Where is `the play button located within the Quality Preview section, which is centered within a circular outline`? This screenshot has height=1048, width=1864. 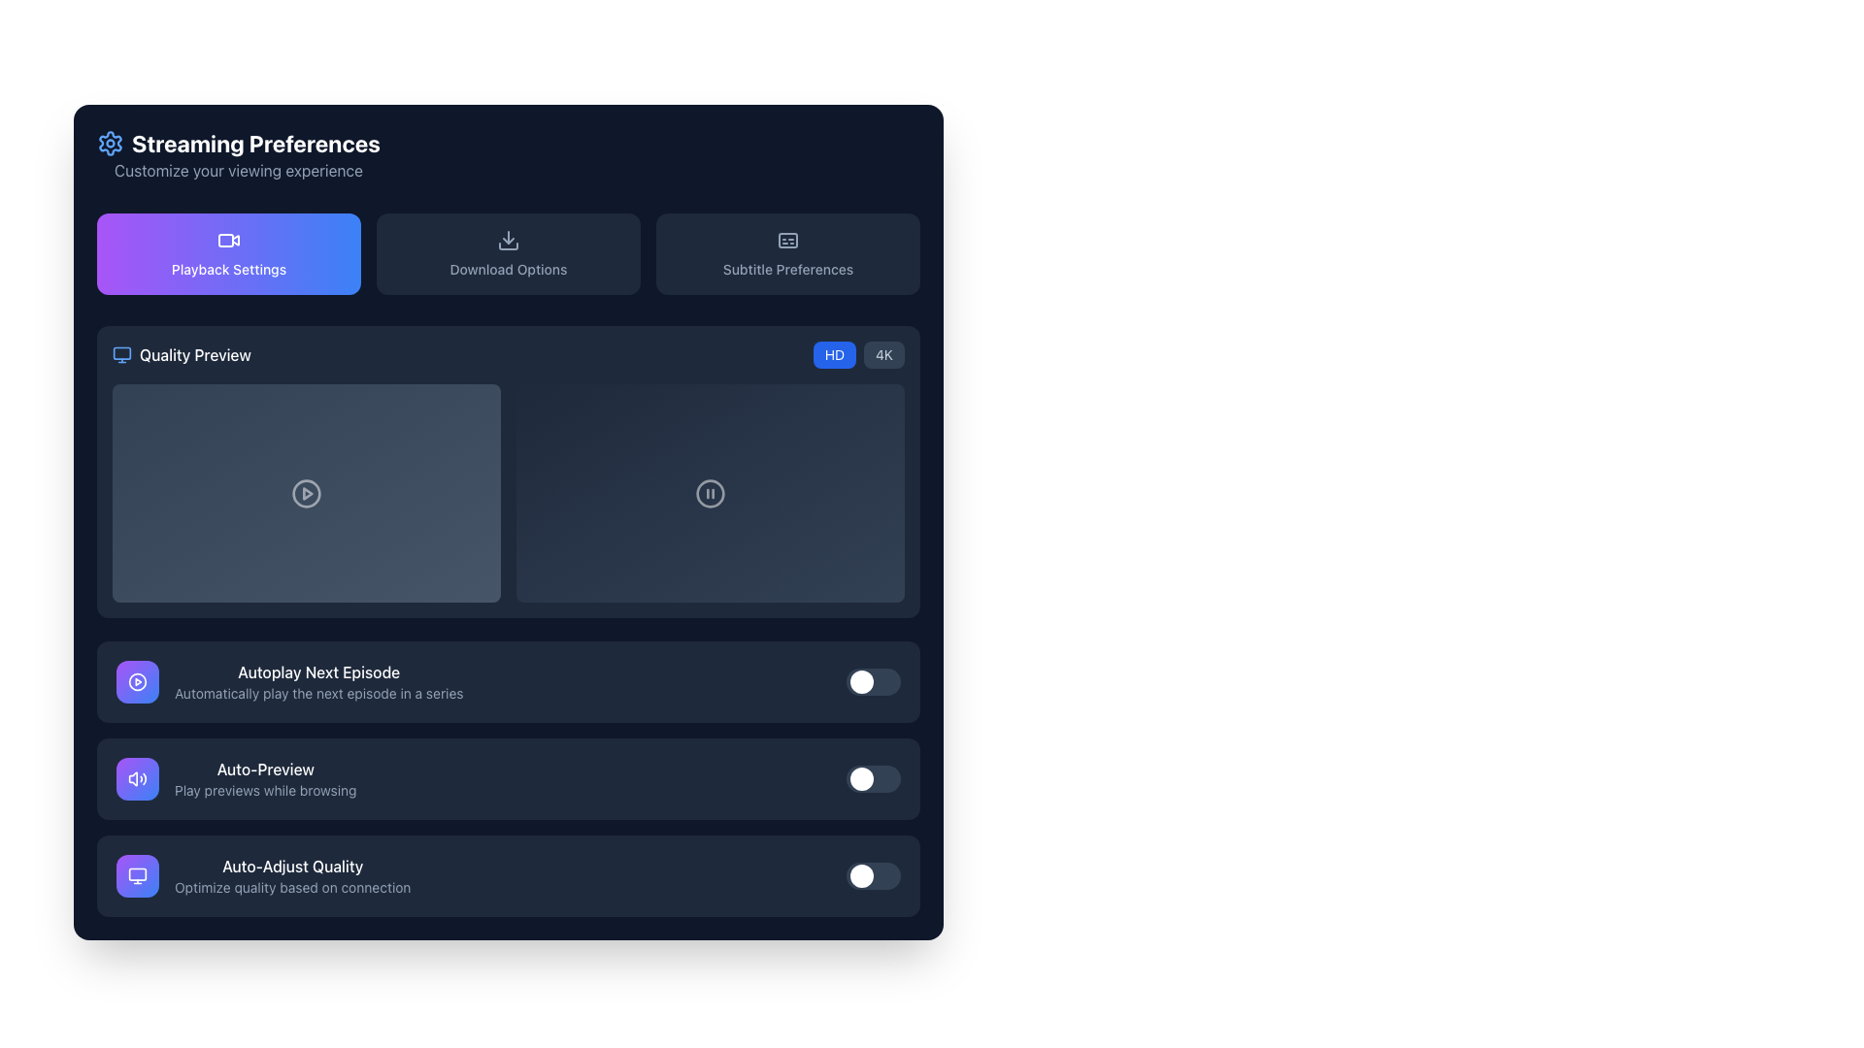
the play button located within the Quality Preview section, which is centered within a circular outline is located at coordinates (307, 492).